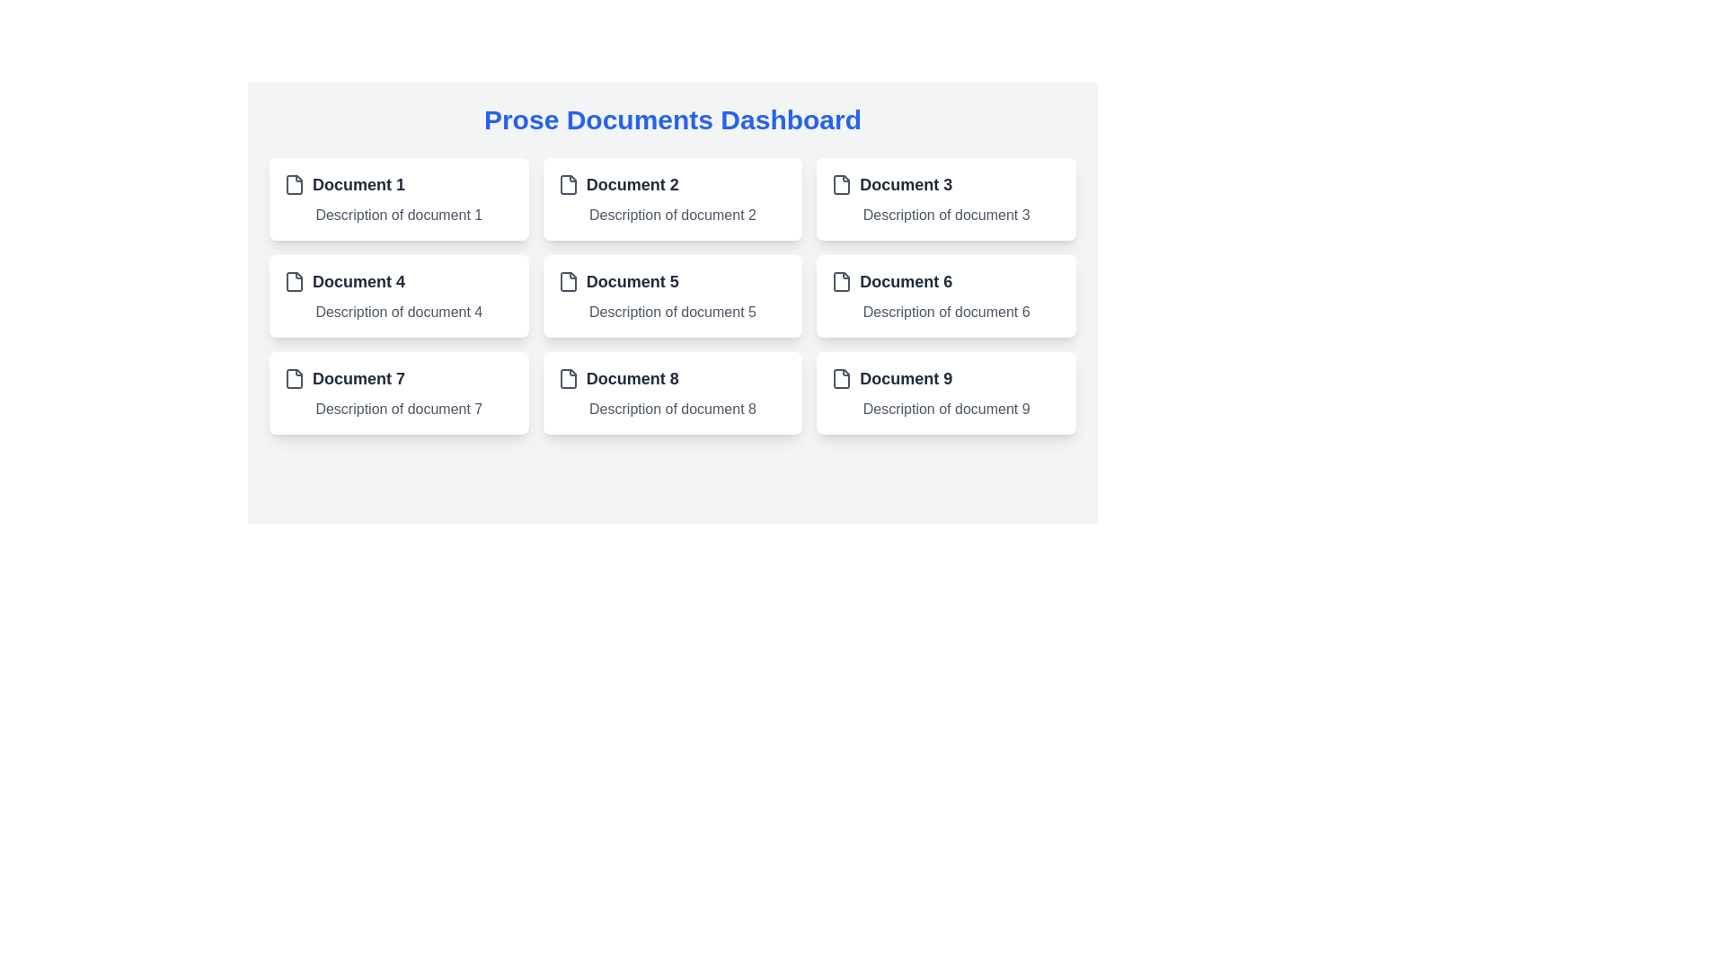 Image resolution: width=1725 pixels, height=970 pixels. I want to click on the document icon, which is represented by an SVG graphic with dark gray lines and a folded corner, located to the left of the text 'Document 2' and 'Description of document 2', so click(567, 184).